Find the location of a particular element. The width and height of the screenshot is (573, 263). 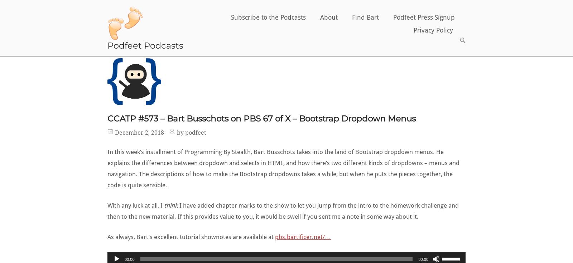

'With any luck at all, I' is located at coordinates (107, 205).